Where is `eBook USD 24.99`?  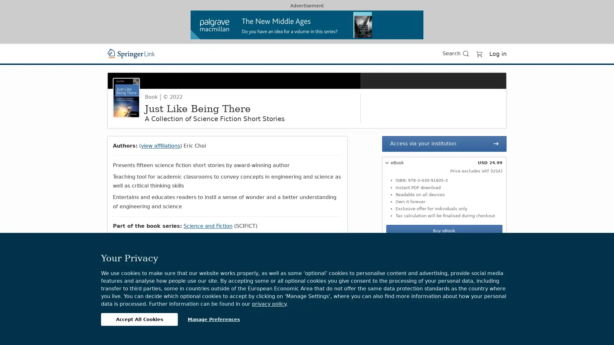 eBook USD 24.99 is located at coordinates (444, 162).